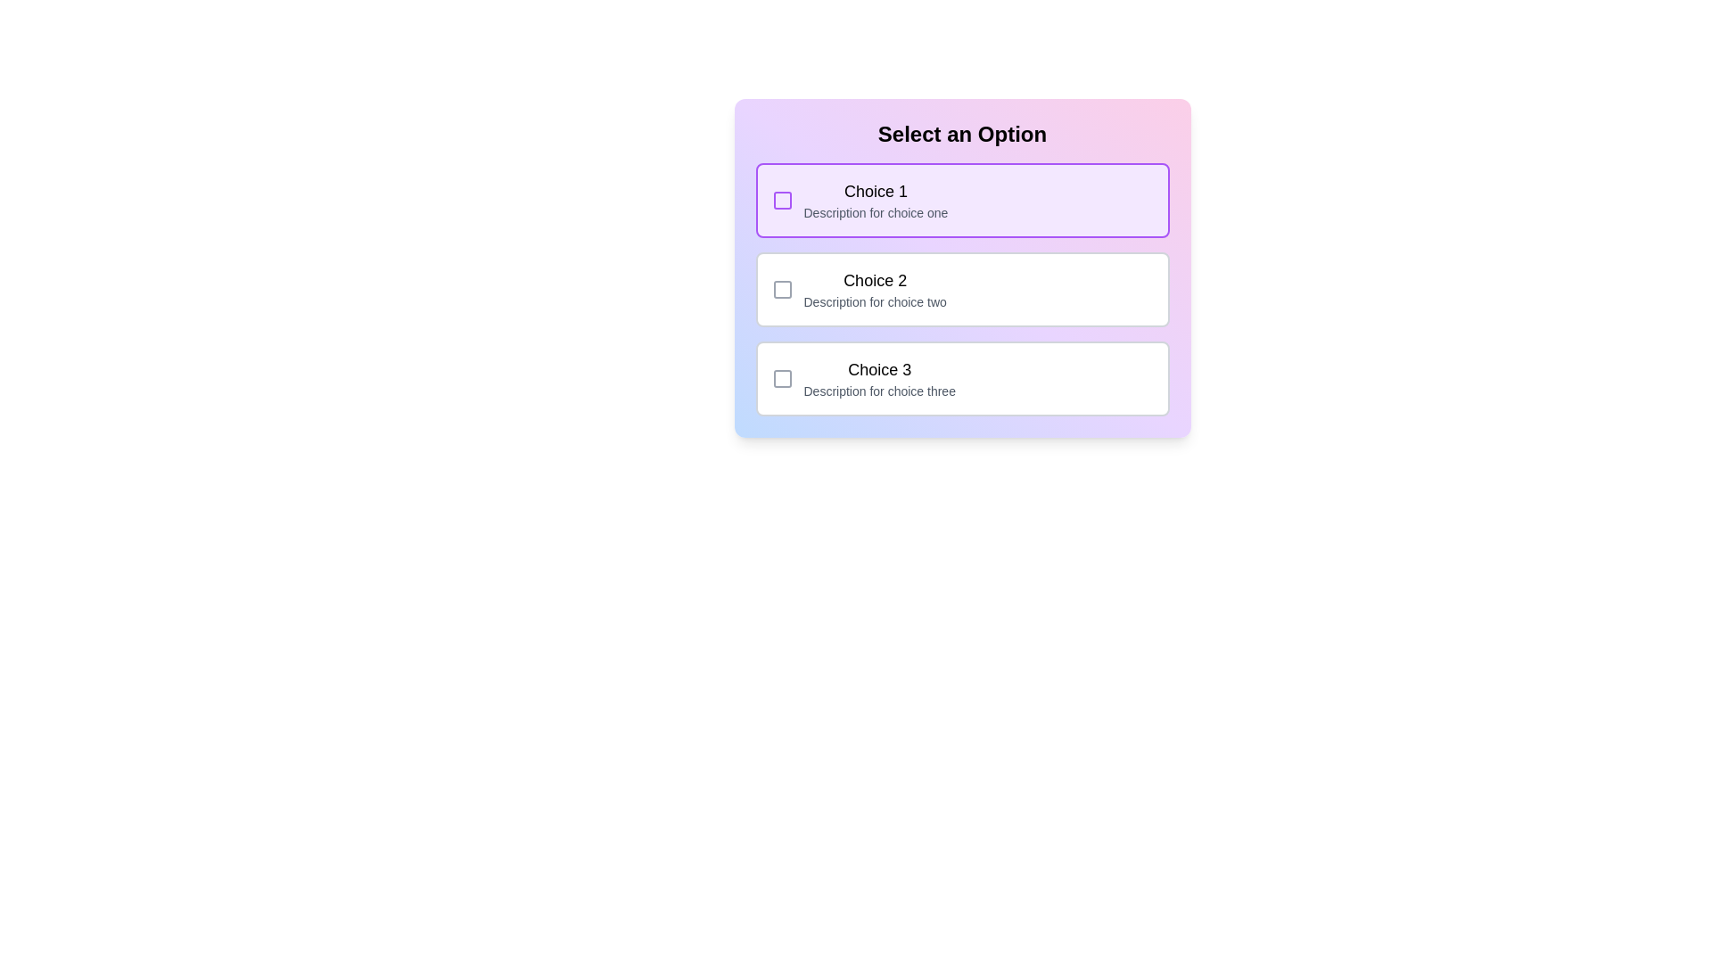  What do you see at coordinates (961, 377) in the screenshot?
I see `the selectable option row for 'Choice 3' in the selection form` at bounding box center [961, 377].